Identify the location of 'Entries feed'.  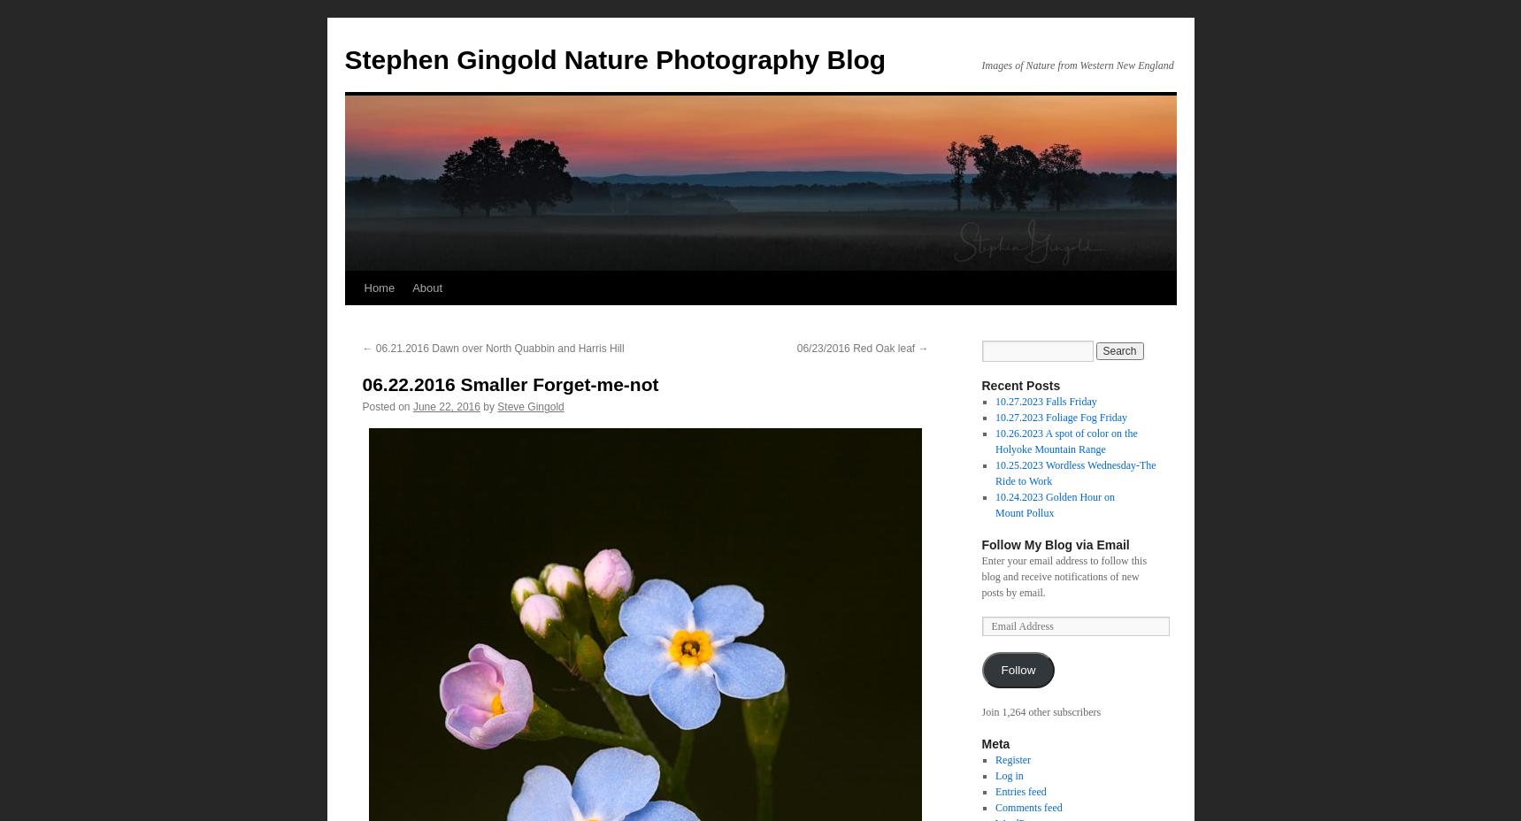
(995, 791).